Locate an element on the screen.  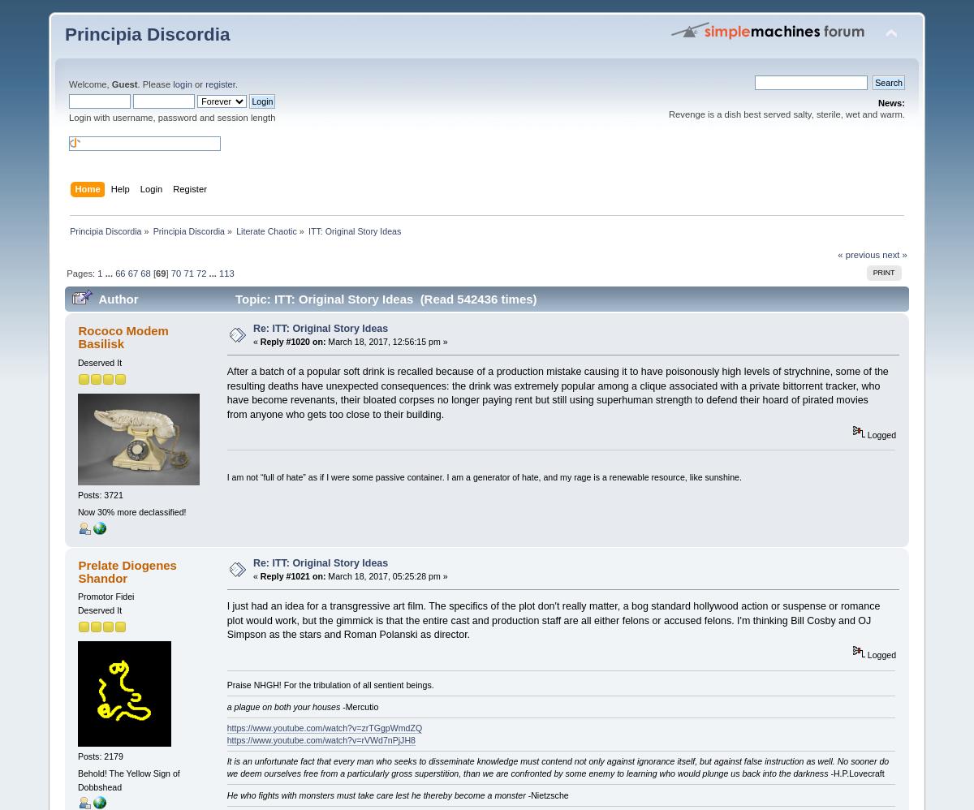
'-H.P.Lovecraft' is located at coordinates (855, 772).